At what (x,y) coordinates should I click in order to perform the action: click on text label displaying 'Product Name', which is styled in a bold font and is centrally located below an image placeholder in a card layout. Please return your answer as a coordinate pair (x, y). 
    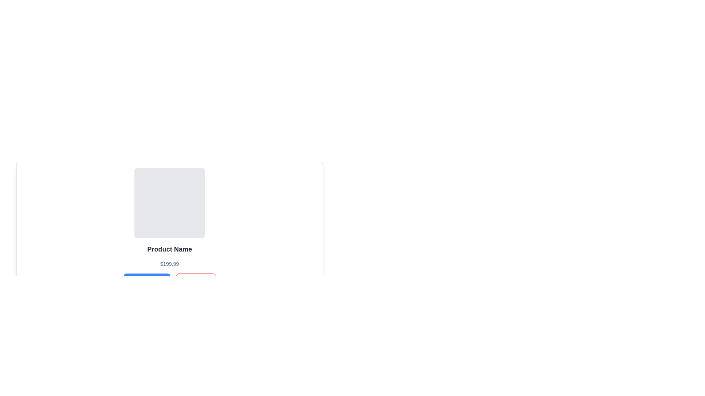
    Looking at the image, I should click on (169, 249).